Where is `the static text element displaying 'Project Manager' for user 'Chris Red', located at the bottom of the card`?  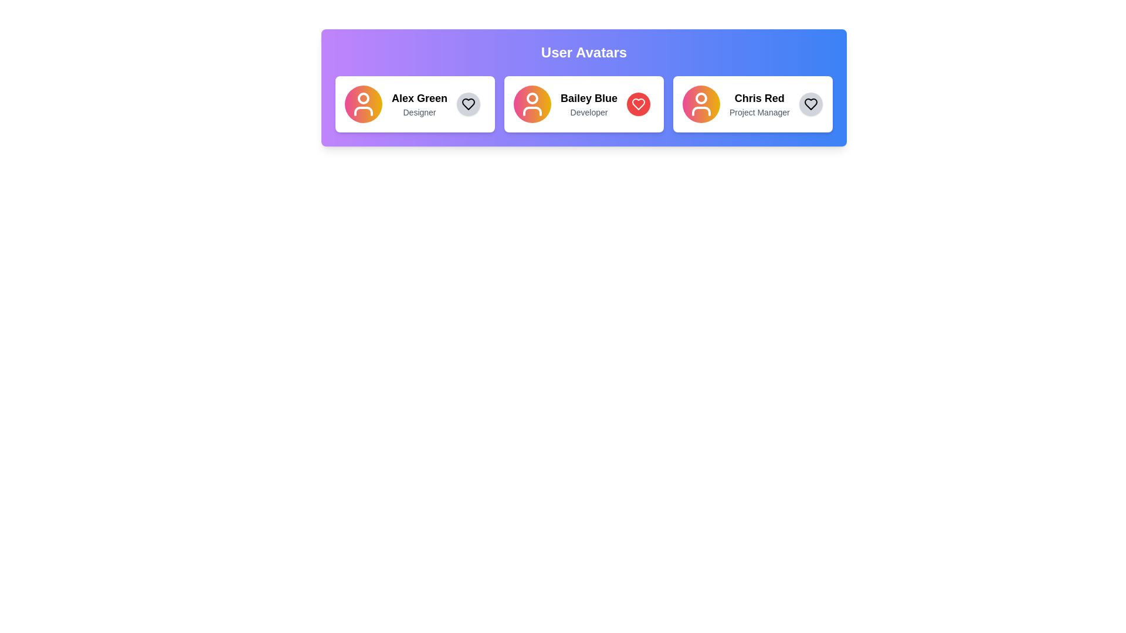 the static text element displaying 'Project Manager' for user 'Chris Red', located at the bottom of the card is located at coordinates (759, 113).